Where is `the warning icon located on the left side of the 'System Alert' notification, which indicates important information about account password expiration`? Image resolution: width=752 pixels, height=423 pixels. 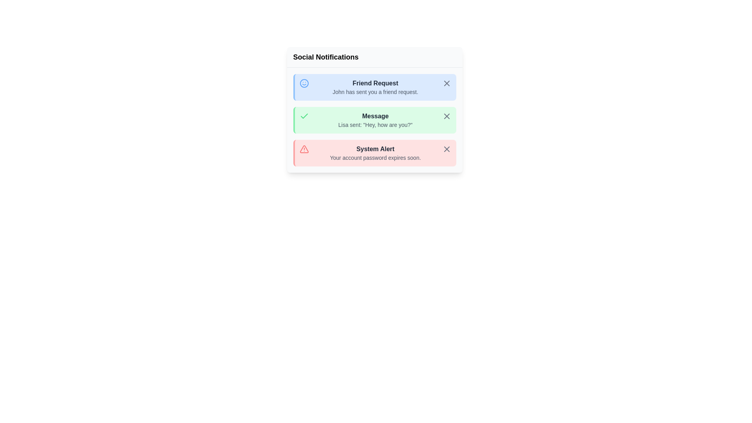 the warning icon located on the left side of the 'System Alert' notification, which indicates important information about account password expiration is located at coordinates (304, 149).